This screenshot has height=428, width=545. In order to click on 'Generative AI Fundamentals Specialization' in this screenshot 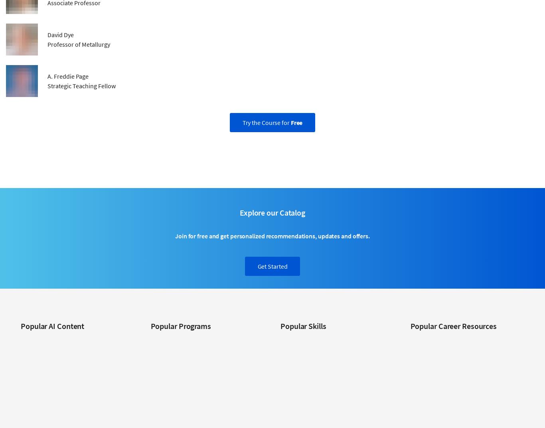, I will do `click(21, 399)`.